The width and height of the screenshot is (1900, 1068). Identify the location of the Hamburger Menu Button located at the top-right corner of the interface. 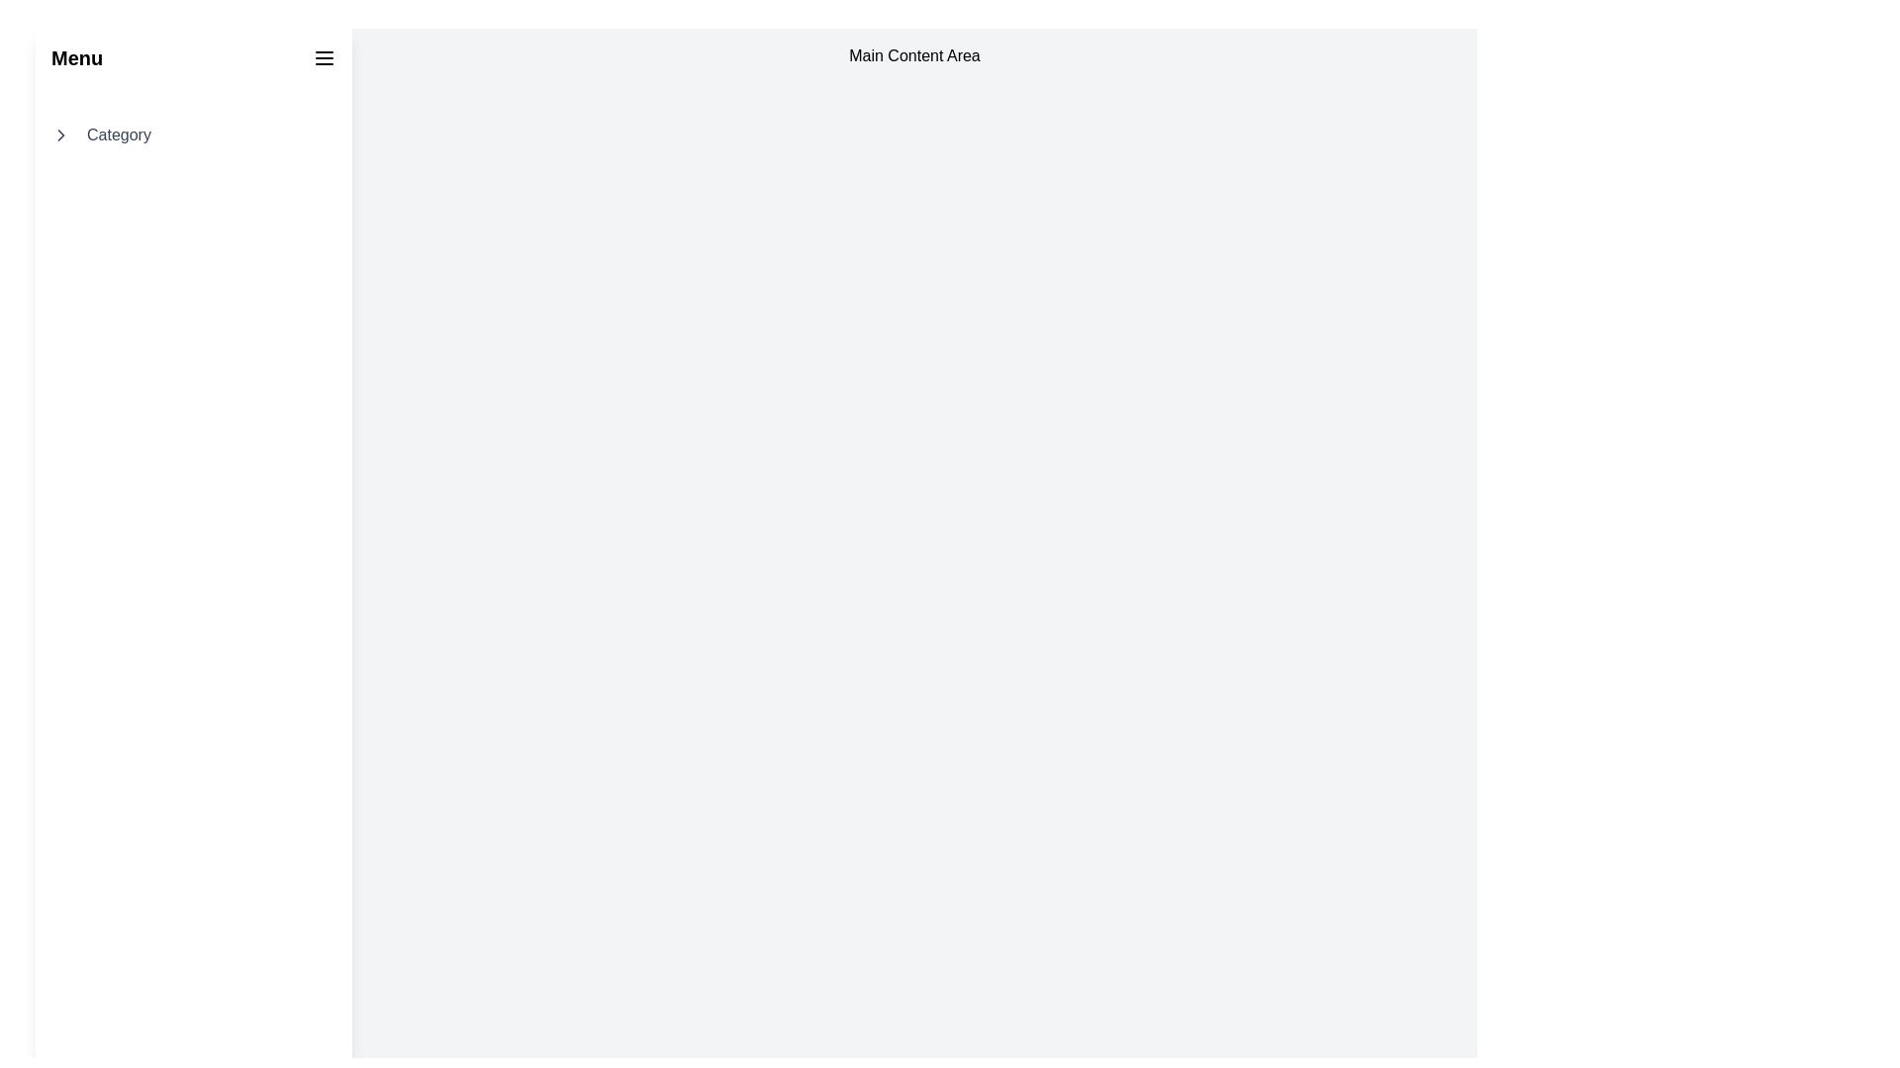
(324, 56).